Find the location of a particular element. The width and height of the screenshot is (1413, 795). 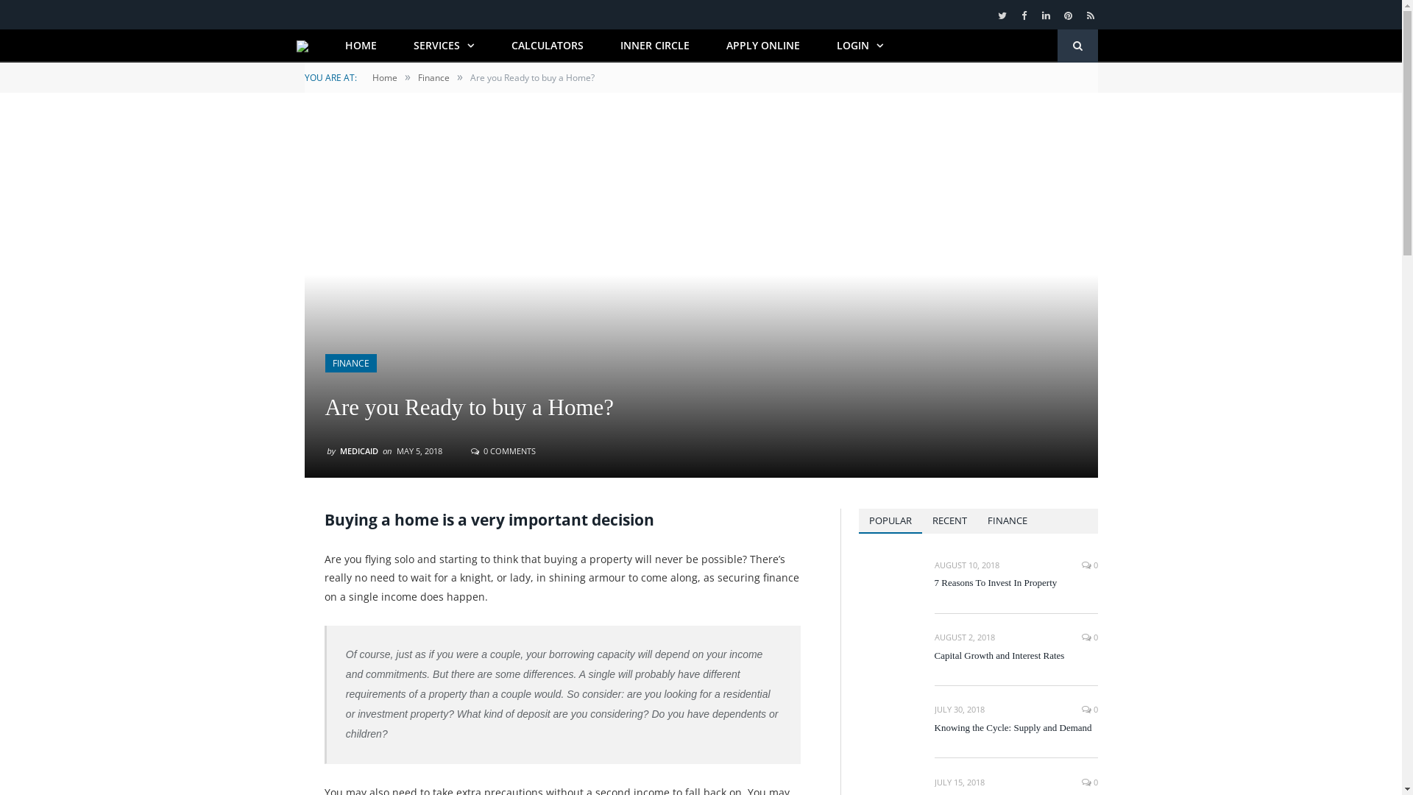

'LOGIN' is located at coordinates (860, 45).